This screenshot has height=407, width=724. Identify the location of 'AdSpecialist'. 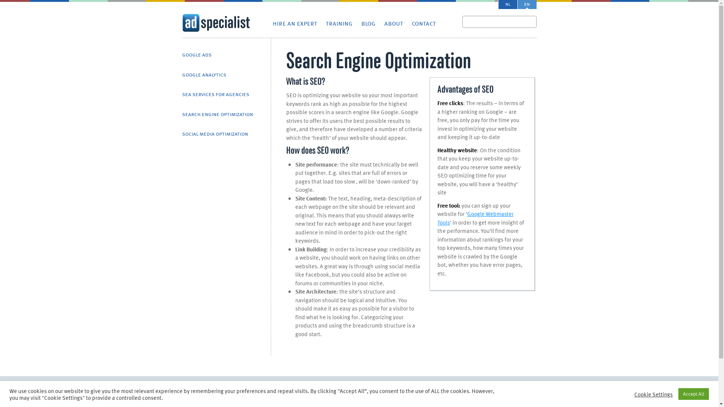
(215, 23).